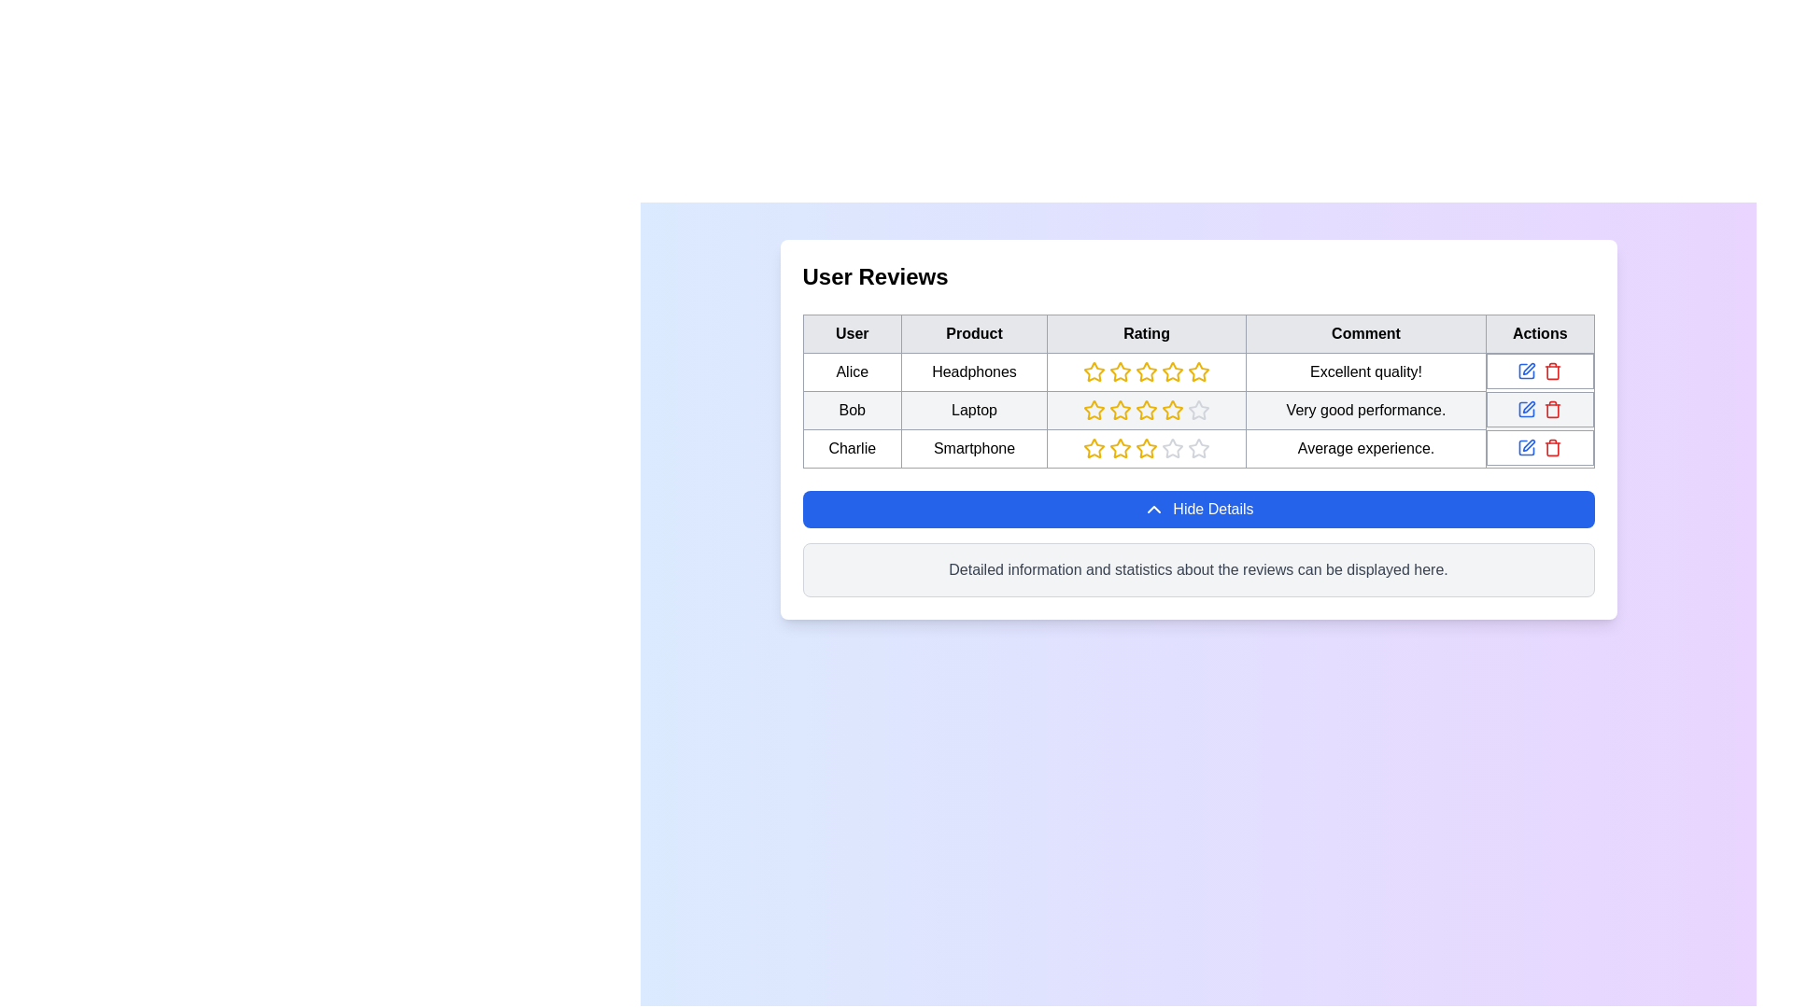 This screenshot has height=1008, width=1793. What do you see at coordinates (1553, 371) in the screenshot?
I see `the red trash bin icon button located in the last column of the second row under the 'Actions' section to trigger a tooltip or visual feedback` at bounding box center [1553, 371].